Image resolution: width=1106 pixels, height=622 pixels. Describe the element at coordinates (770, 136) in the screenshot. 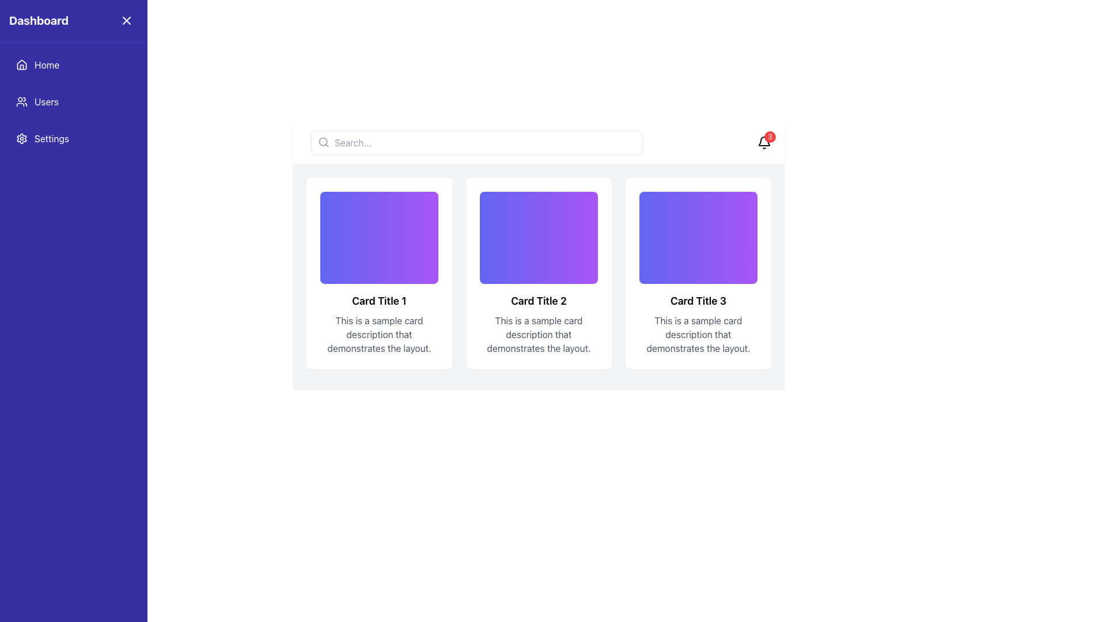

I see `the content of the Notification badge located at the top-right corner of the bell icon in the user interface` at that location.